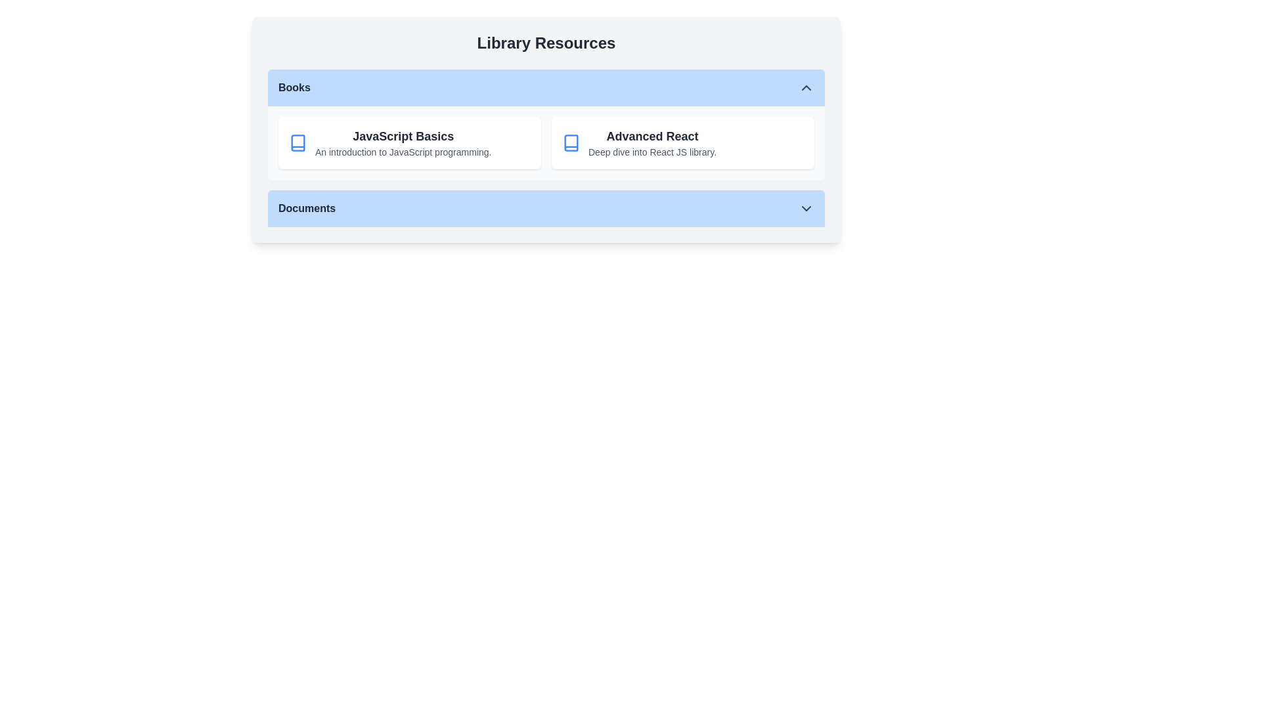 This screenshot has height=709, width=1261. What do you see at coordinates (298, 143) in the screenshot?
I see `the book icon representing the 'JavaScript Basics' resource` at bounding box center [298, 143].